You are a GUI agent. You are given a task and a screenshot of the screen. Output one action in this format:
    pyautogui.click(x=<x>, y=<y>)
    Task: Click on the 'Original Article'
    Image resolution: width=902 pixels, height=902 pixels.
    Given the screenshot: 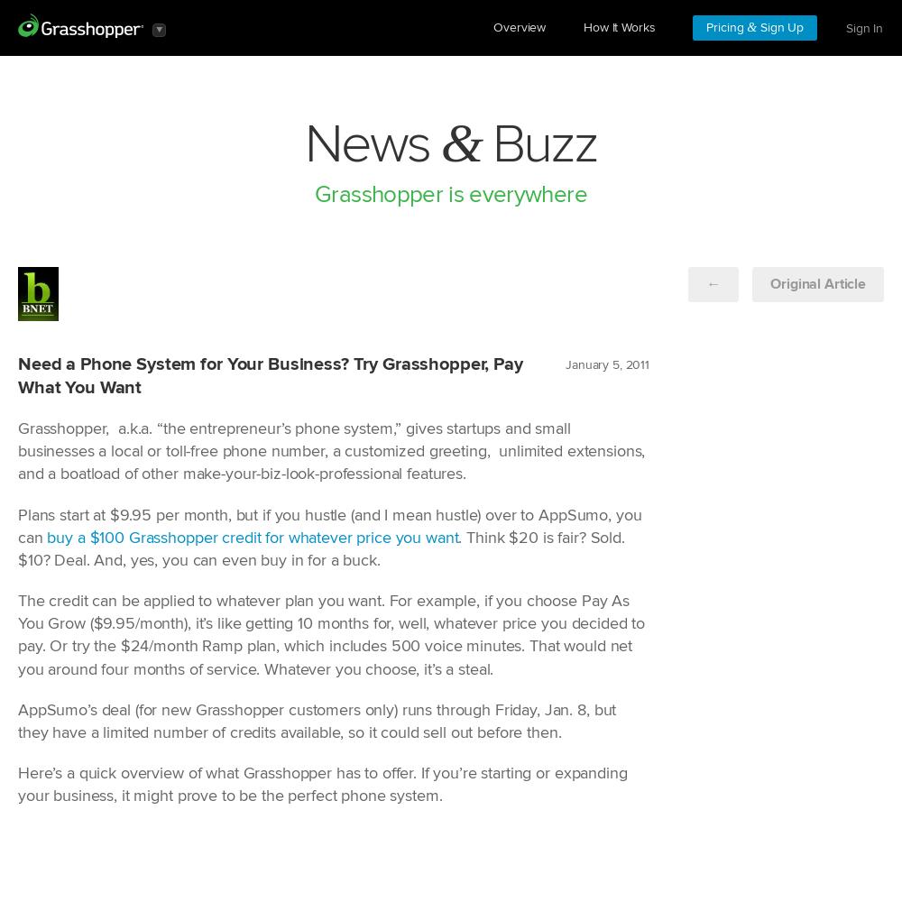 What is the action you would take?
    pyautogui.click(x=818, y=283)
    